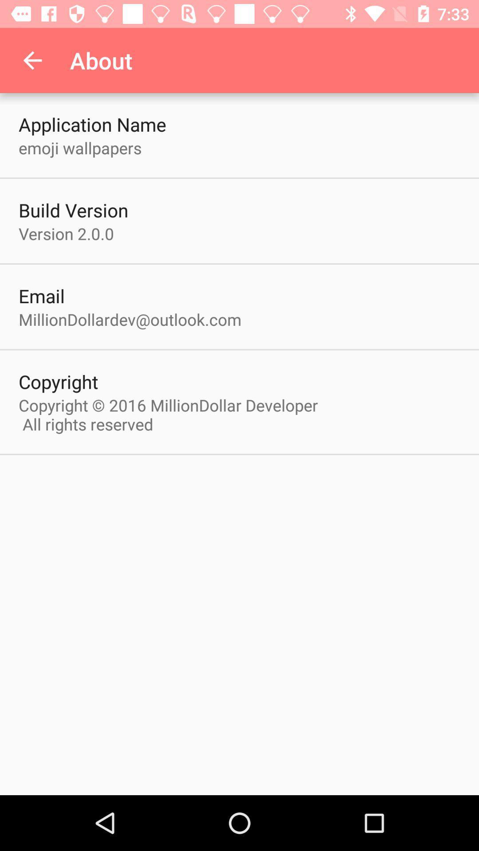  What do you see at coordinates (42, 296) in the screenshot?
I see `the item above milliondollardev@outlook.com item` at bounding box center [42, 296].